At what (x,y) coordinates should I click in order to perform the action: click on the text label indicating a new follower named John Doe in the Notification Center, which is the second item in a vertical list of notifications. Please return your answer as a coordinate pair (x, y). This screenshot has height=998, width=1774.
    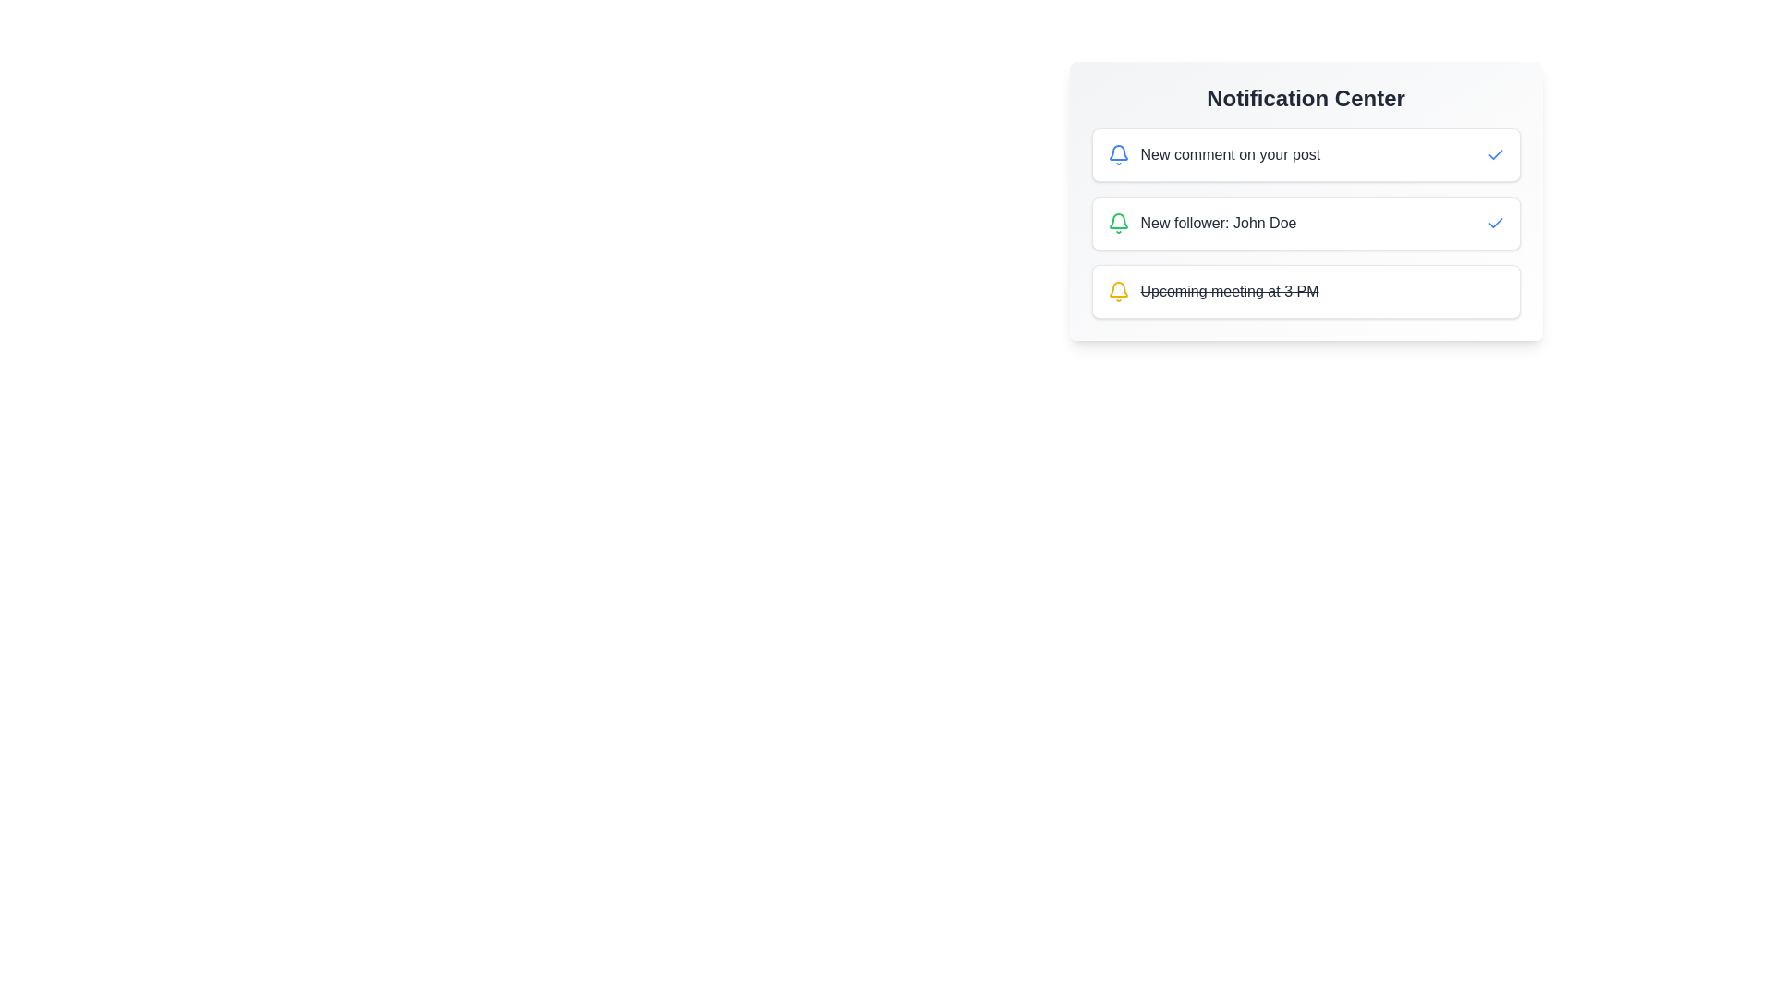
    Looking at the image, I should click on (1201, 223).